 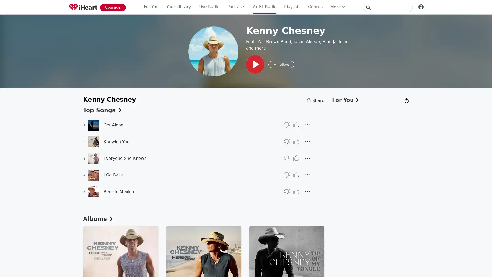 What do you see at coordinates (469, 267) in the screenshot?
I see `More` at bounding box center [469, 267].